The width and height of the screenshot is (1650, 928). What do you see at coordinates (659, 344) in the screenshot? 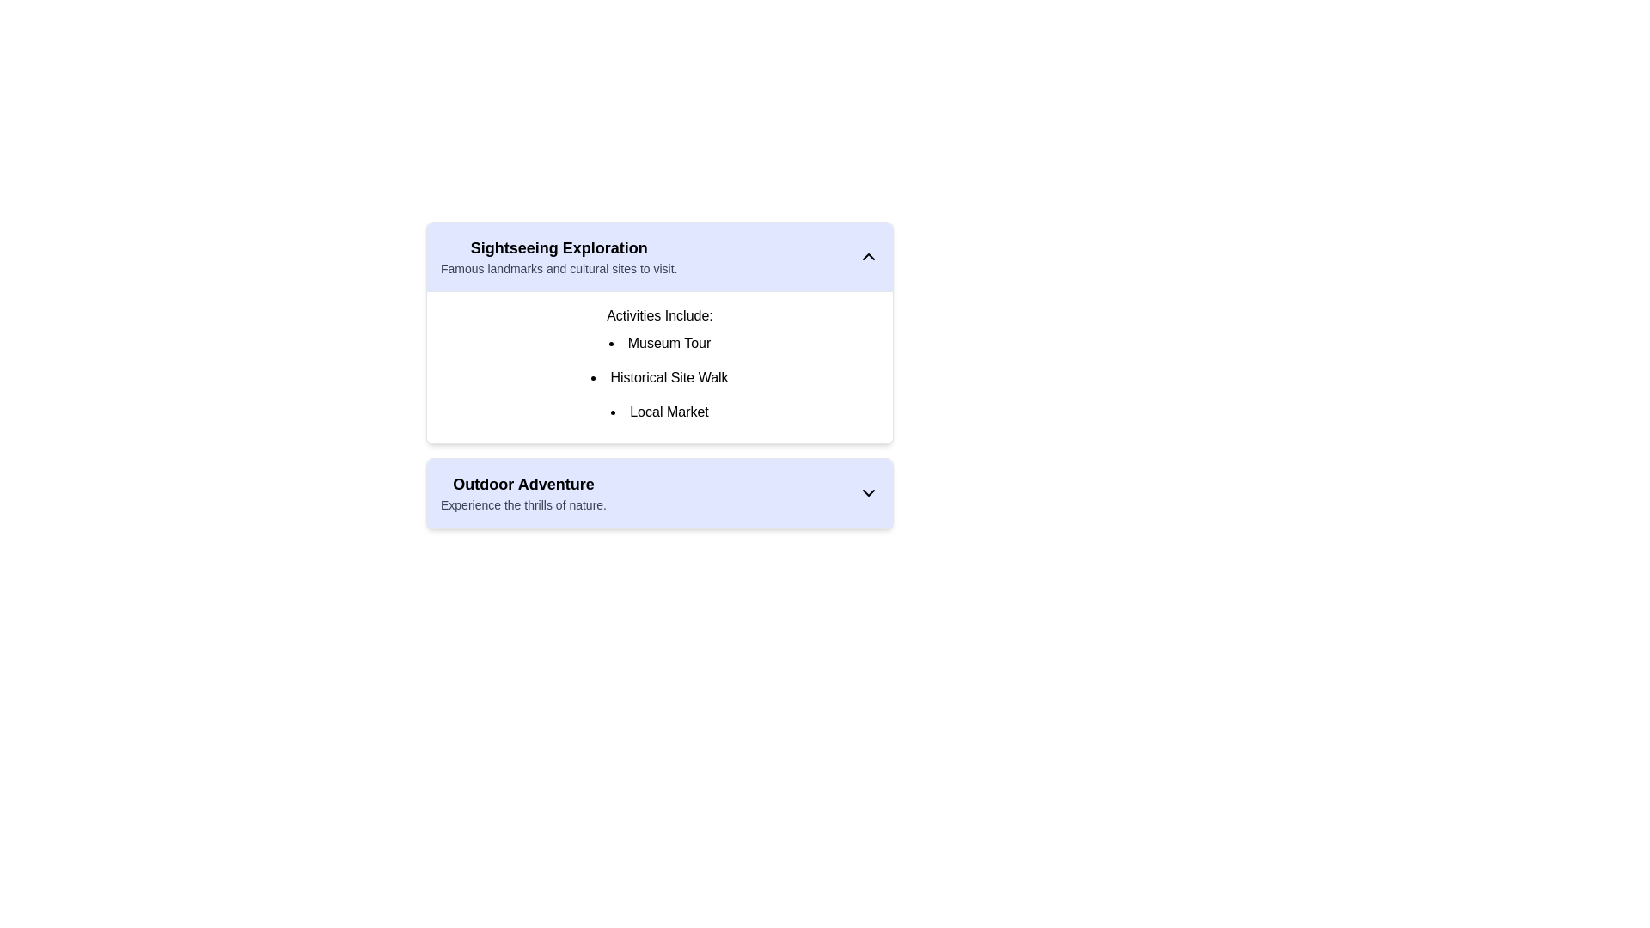
I see `text of the first list item 'Museum Tour' located under the header 'Activities Include' in the 'Sightseeing Exploration' section` at bounding box center [659, 344].